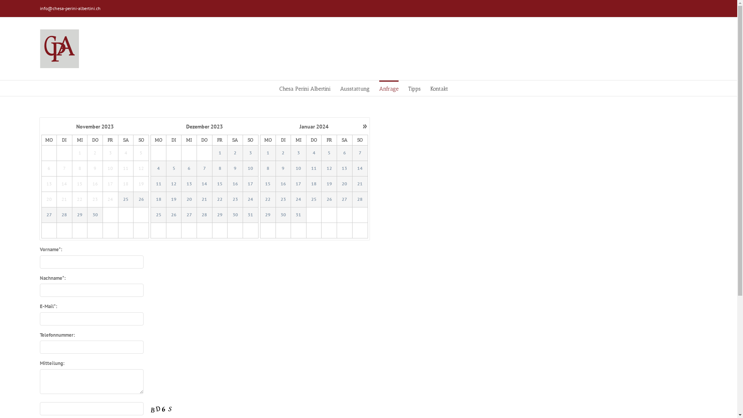 This screenshot has width=743, height=418. What do you see at coordinates (354, 87) in the screenshot?
I see `'Ausstattung'` at bounding box center [354, 87].